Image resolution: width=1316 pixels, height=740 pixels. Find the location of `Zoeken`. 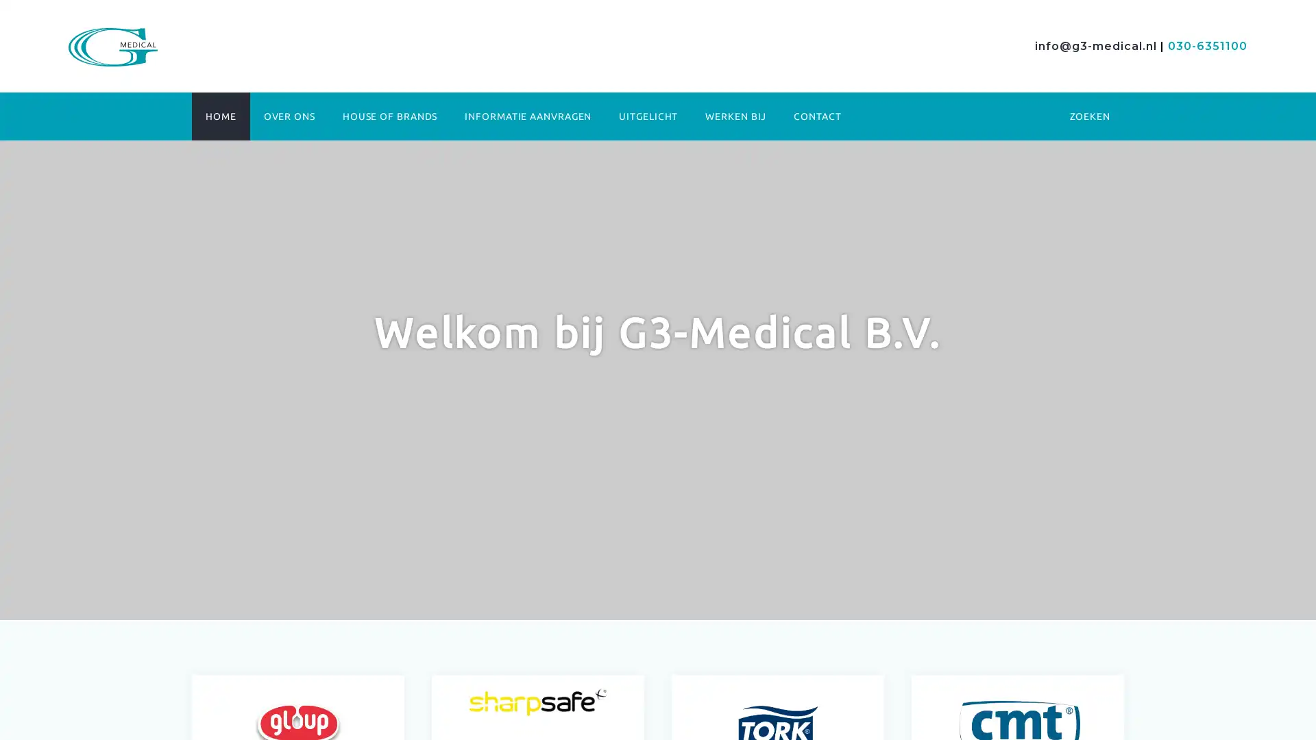

Zoeken is located at coordinates (967, 181).